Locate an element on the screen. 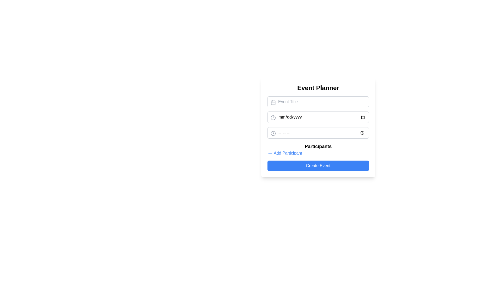 This screenshot has height=282, width=502. the 'Participants' heading, which displays bold black text in a larger font size and is positioned above the 'Add Participant' button is located at coordinates (318, 146).